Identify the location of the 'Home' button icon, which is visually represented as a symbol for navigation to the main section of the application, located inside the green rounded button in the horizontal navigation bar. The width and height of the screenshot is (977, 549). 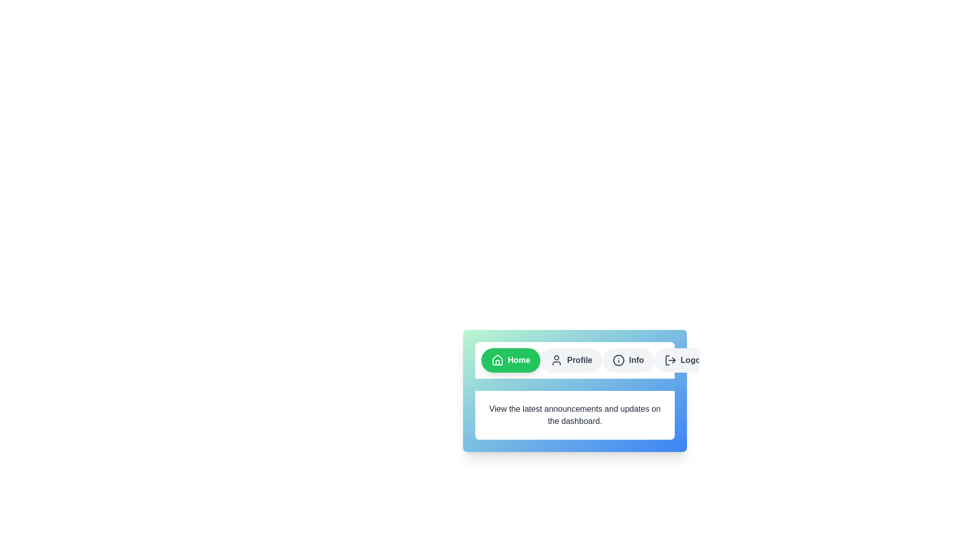
(498, 359).